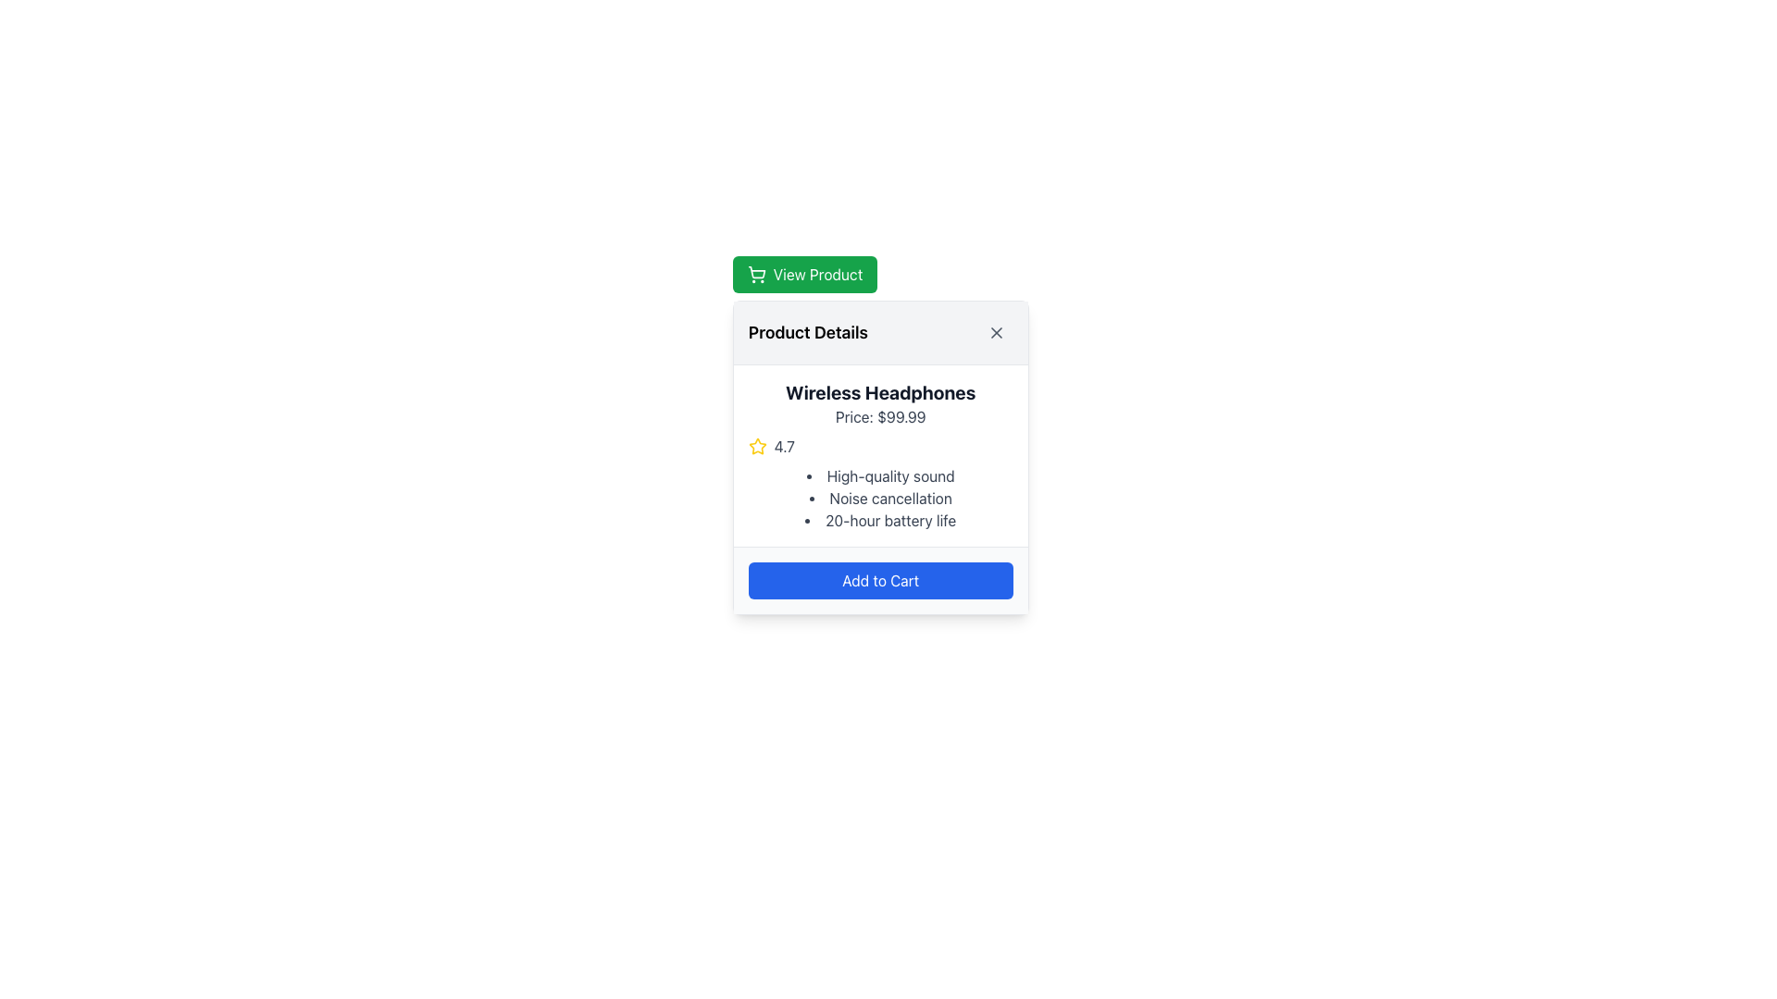  Describe the element at coordinates (808, 331) in the screenshot. I see `the 'Product Details' text label, which is styled with a bold, large black font and positioned within a light gray header bar at the top of a modal window` at that location.